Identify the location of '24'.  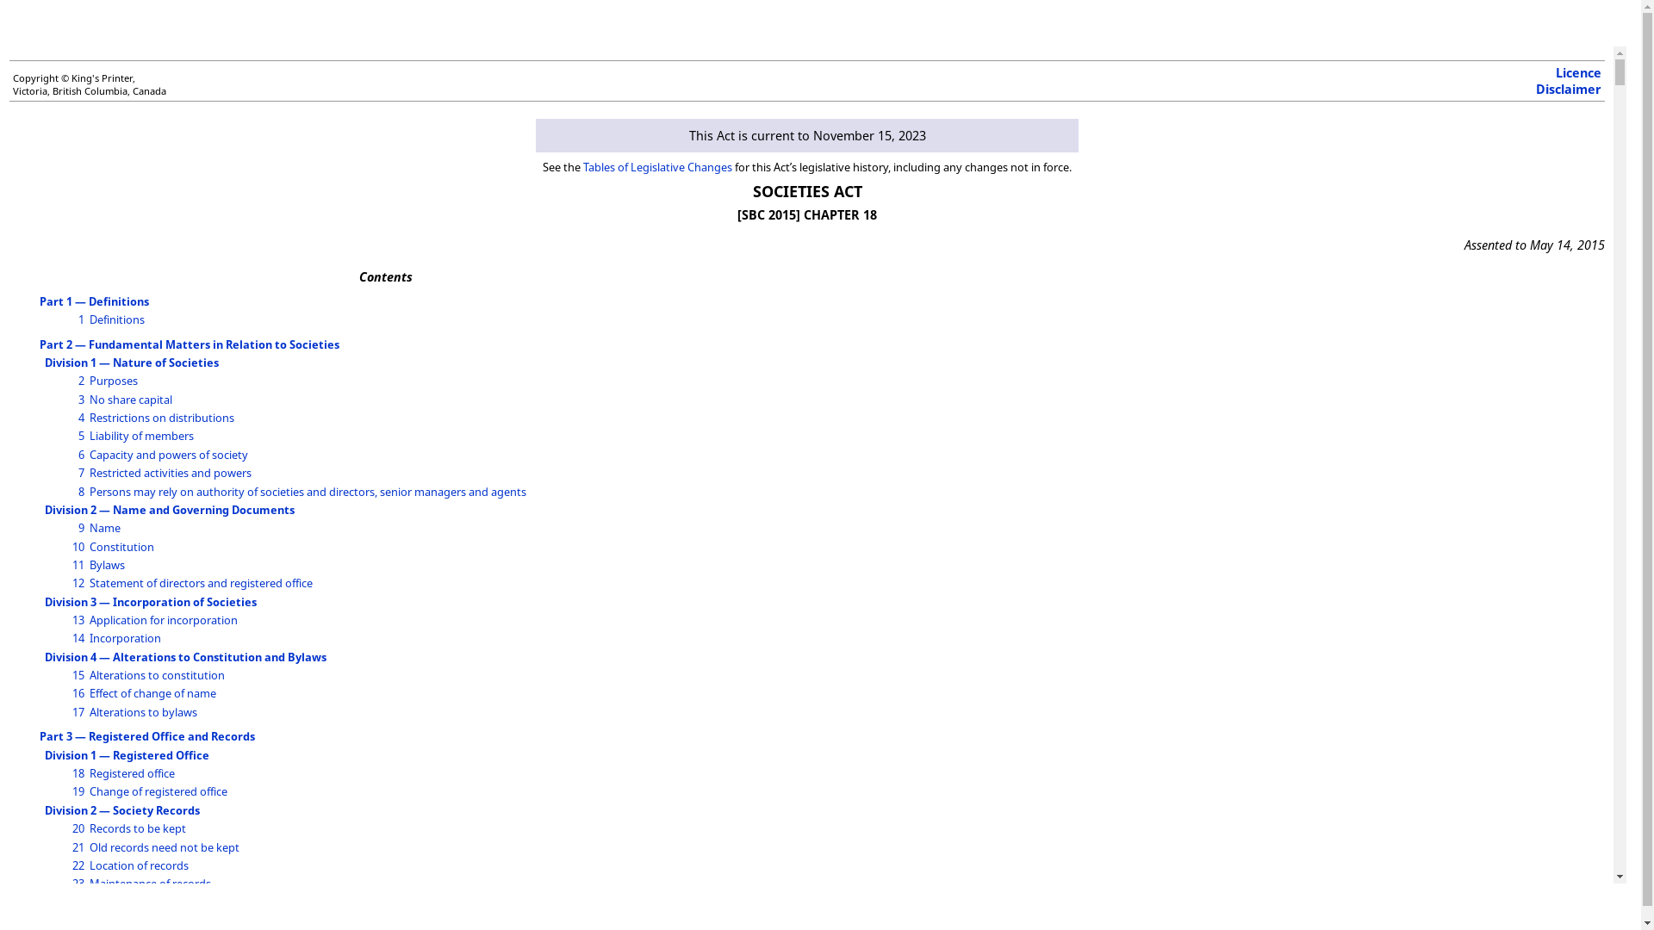
(78, 902).